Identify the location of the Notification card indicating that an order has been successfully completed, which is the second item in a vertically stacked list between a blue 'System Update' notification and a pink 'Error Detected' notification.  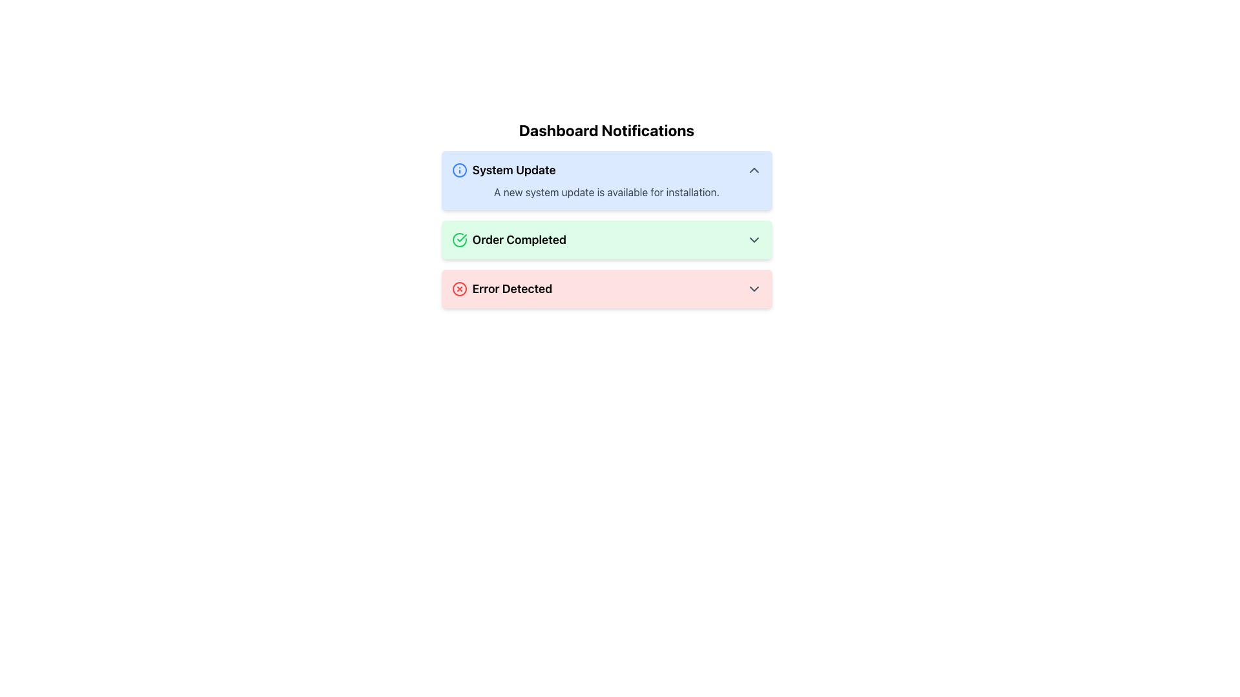
(606, 239).